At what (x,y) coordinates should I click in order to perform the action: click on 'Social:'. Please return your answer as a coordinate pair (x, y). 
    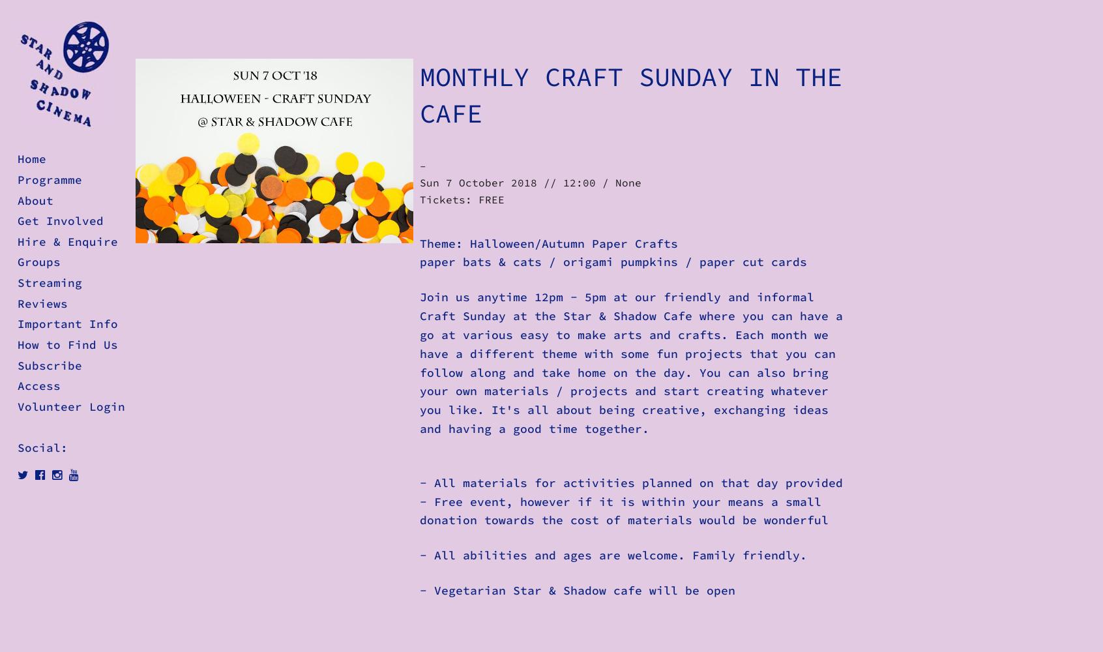
    Looking at the image, I should click on (42, 448).